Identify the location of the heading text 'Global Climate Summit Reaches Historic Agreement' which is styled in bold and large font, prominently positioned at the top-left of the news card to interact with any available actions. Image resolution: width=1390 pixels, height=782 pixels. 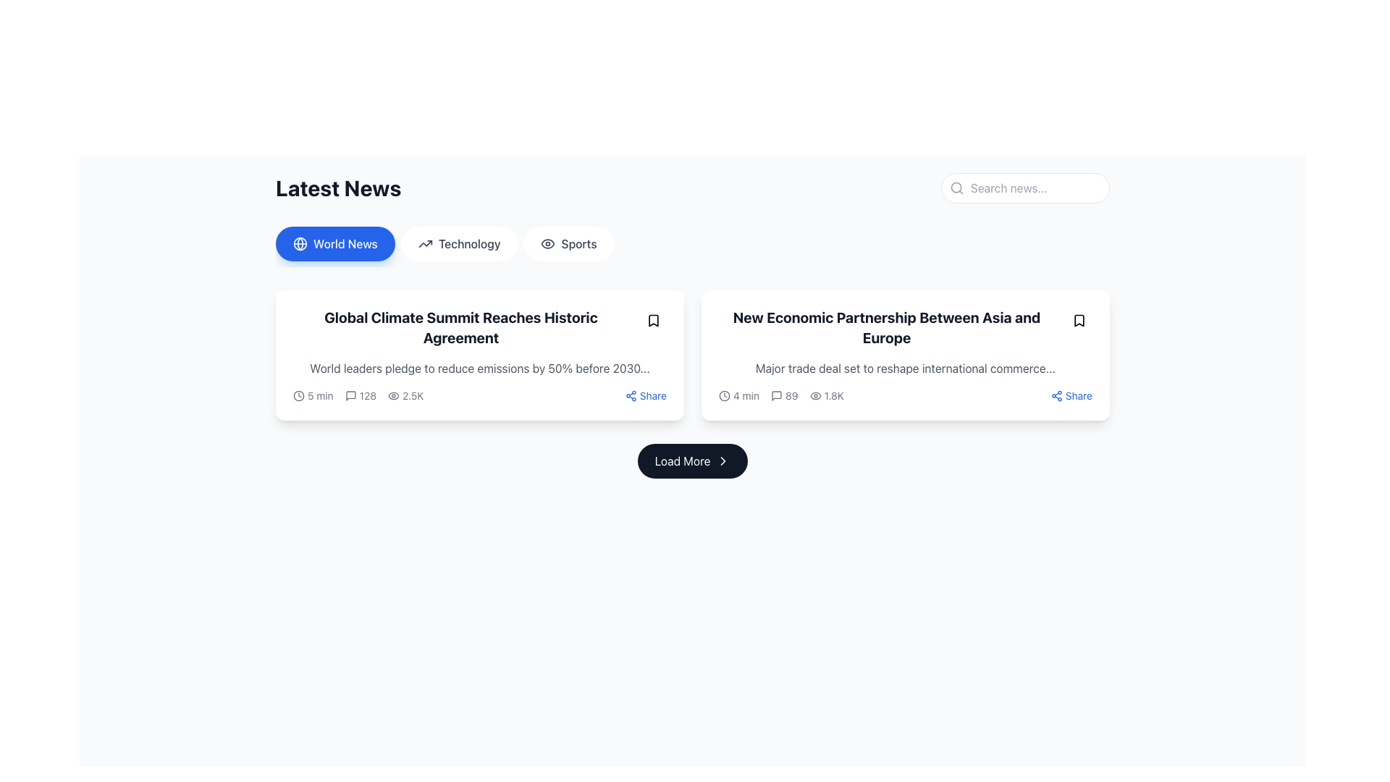
(466, 327).